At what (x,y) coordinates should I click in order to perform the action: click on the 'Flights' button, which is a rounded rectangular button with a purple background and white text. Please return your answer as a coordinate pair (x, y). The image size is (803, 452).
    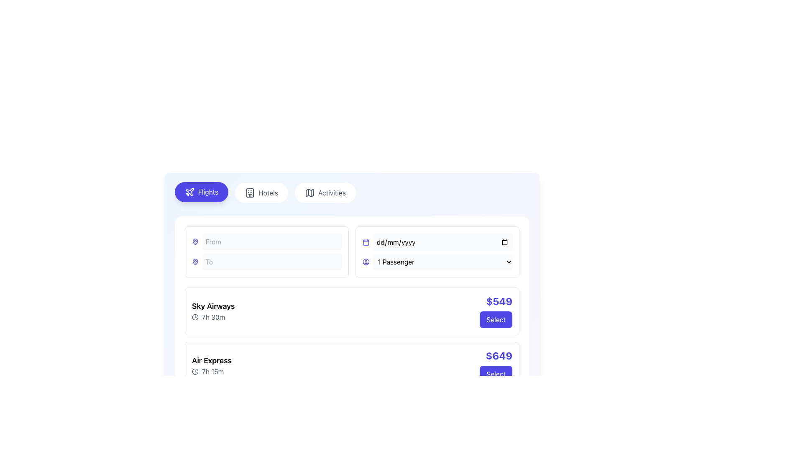
    Looking at the image, I should click on (202, 192).